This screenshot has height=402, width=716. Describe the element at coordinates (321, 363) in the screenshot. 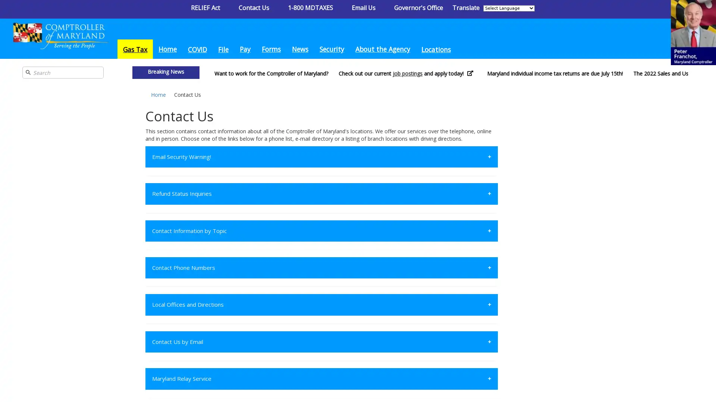

I see `State License Bureau +` at that location.